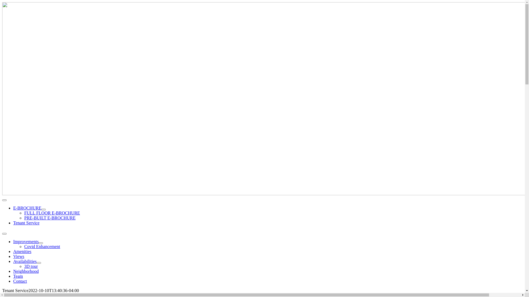  I want to click on 'Improvements', so click(26, 241).